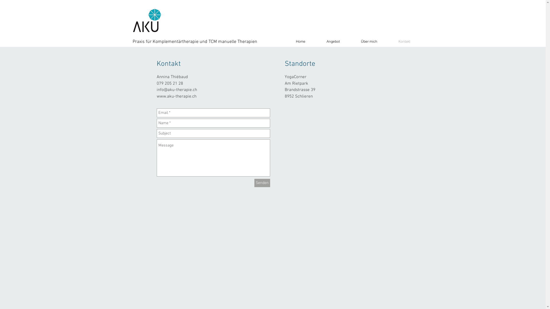 Image resolution: width=550 pixels, height=309 pixels. I want to click on 'Senden', so click(262, 183).